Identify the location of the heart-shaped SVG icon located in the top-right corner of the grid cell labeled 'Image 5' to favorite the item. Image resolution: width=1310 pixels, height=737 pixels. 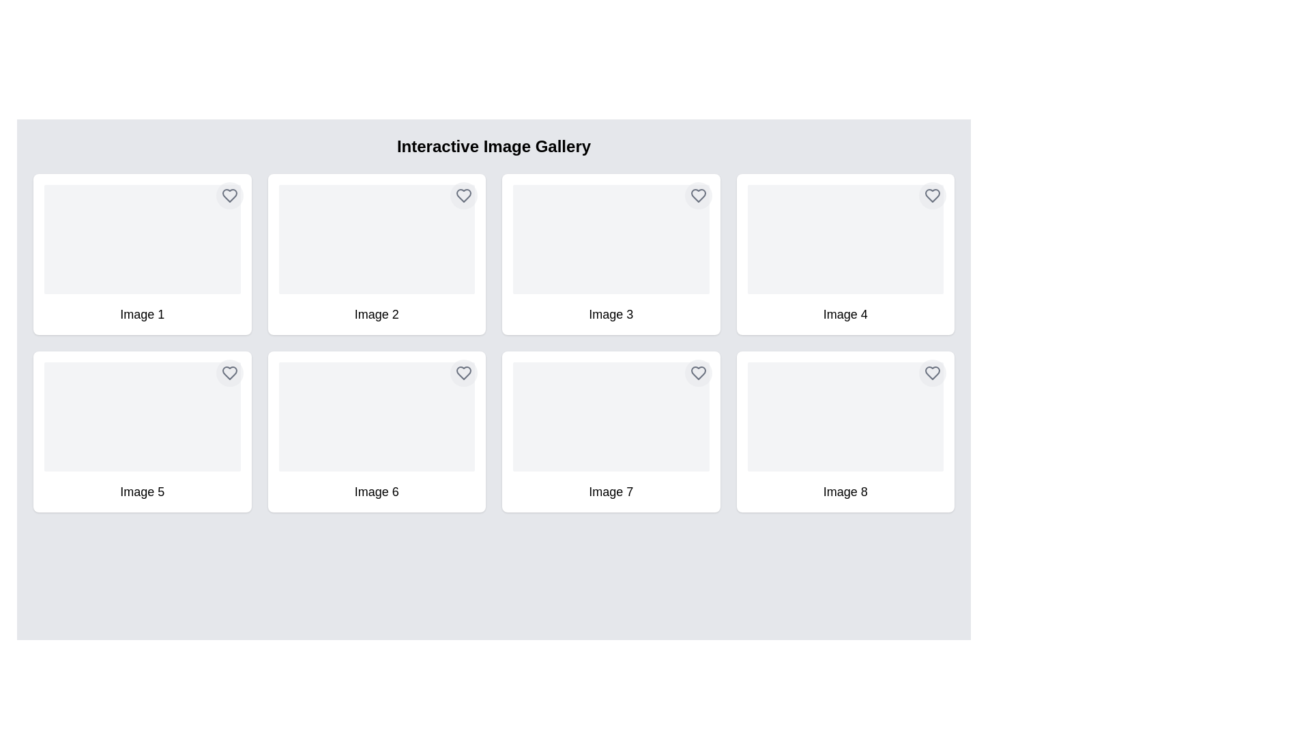
(229, 373).